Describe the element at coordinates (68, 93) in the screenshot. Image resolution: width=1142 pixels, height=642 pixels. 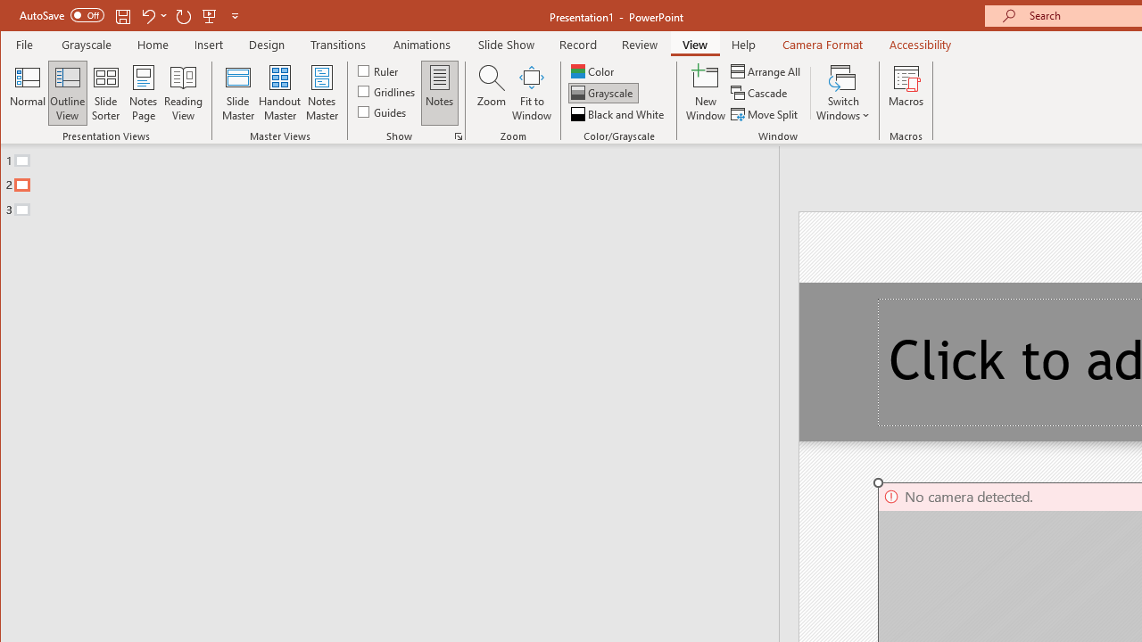
I see `'Outline View'` at that location.